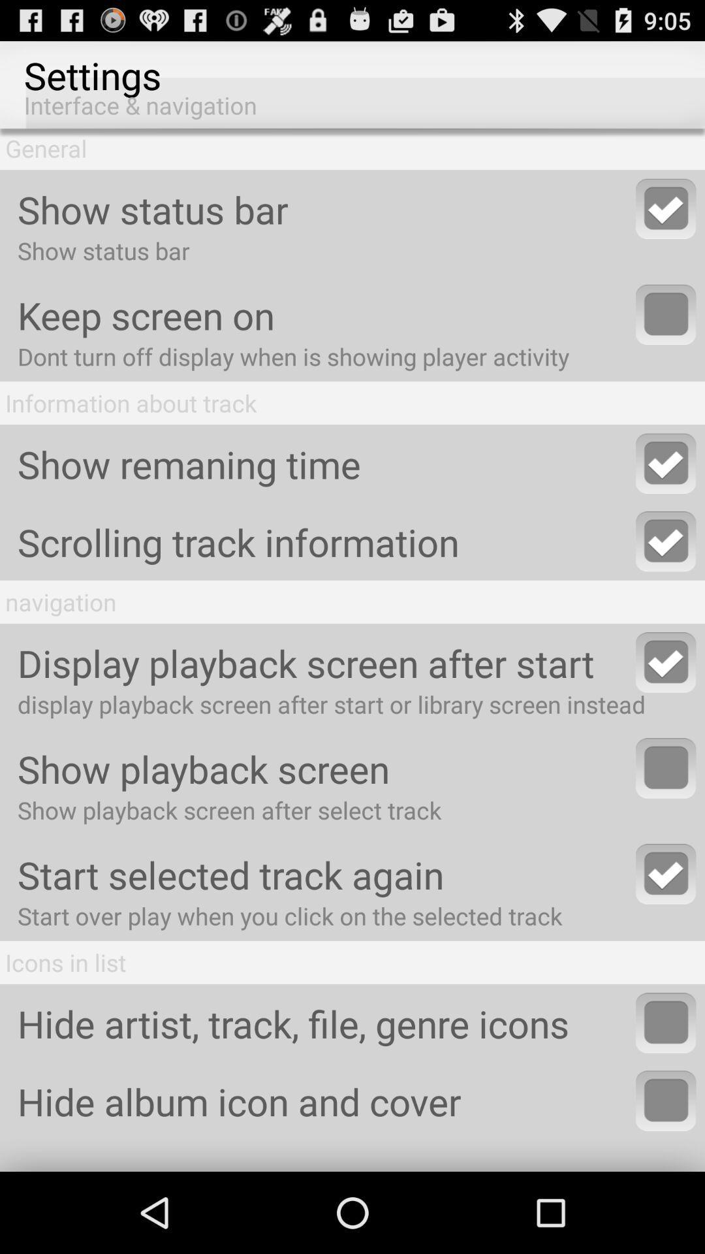  What do you see at coordinates (666, 1022) in the screenshot?
I see `hide artist info` at bounding box center [666, 1022].